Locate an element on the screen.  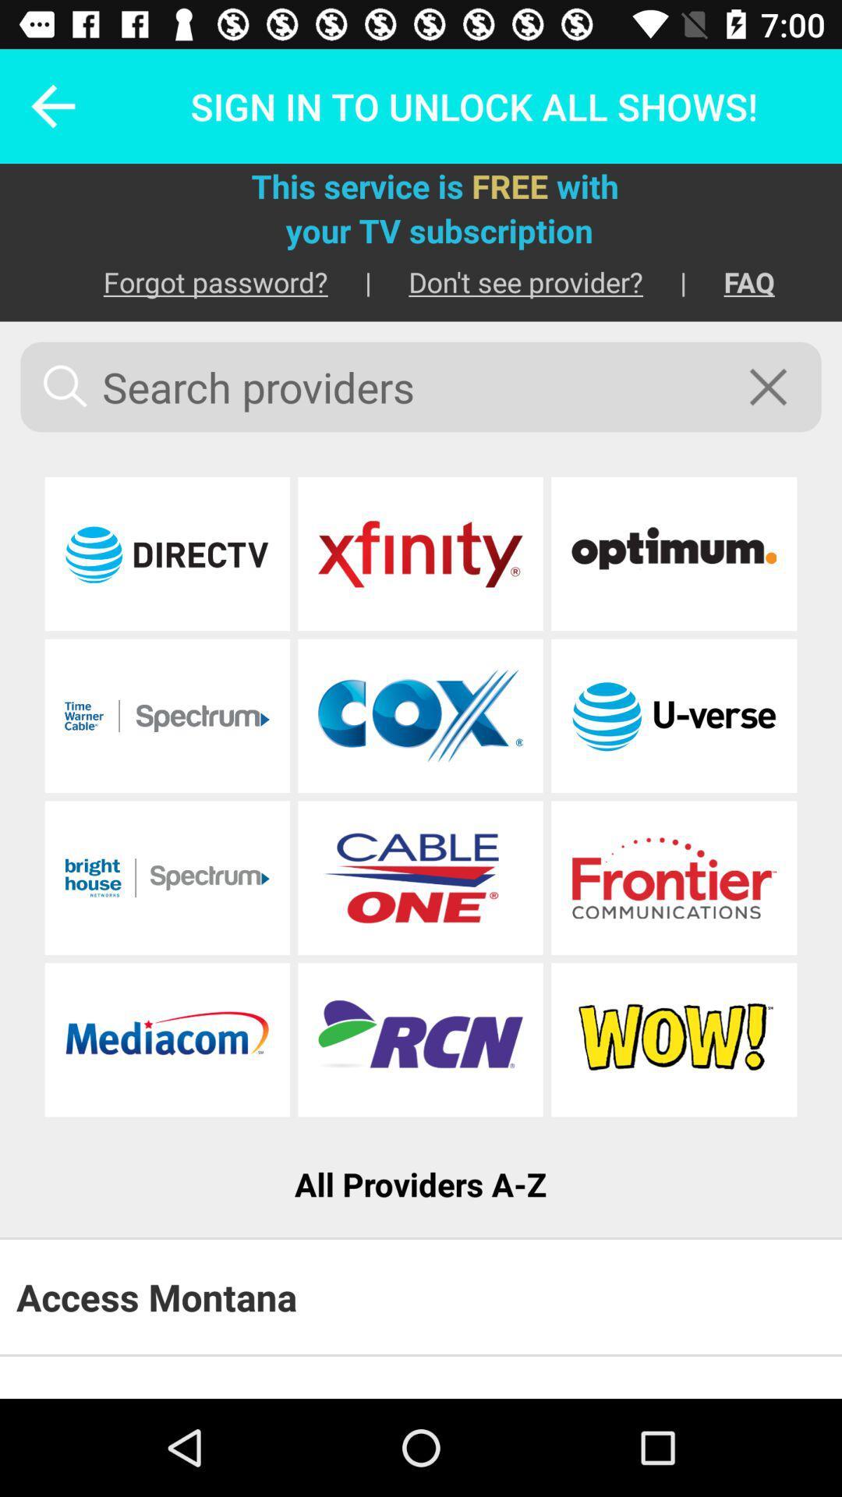
xfinity is located at coordinates (419, 554).